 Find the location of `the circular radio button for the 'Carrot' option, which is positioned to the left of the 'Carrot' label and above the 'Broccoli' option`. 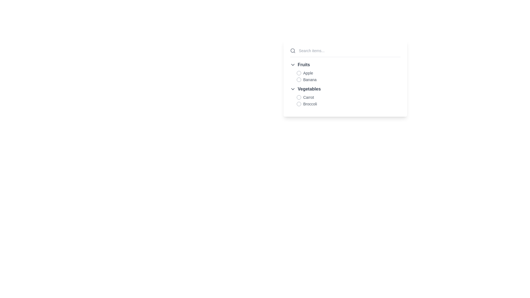

the circular radio button for the 'Carrot' option, which is positioned to the left of the 'Carrot' label and above the 'Broccoli' option is located at coordinates (298, 97).